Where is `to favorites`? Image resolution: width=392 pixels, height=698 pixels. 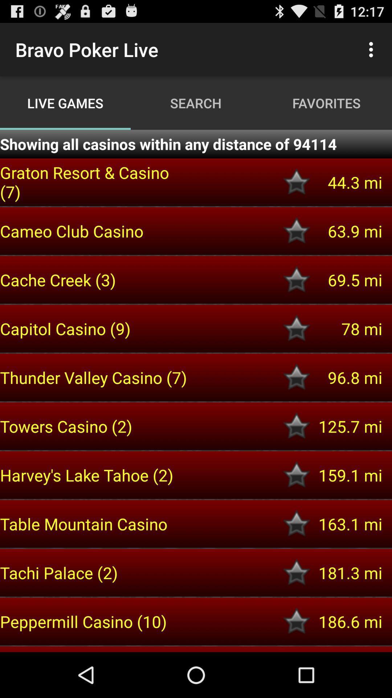
to favorites is located at coordinates (297, 279).